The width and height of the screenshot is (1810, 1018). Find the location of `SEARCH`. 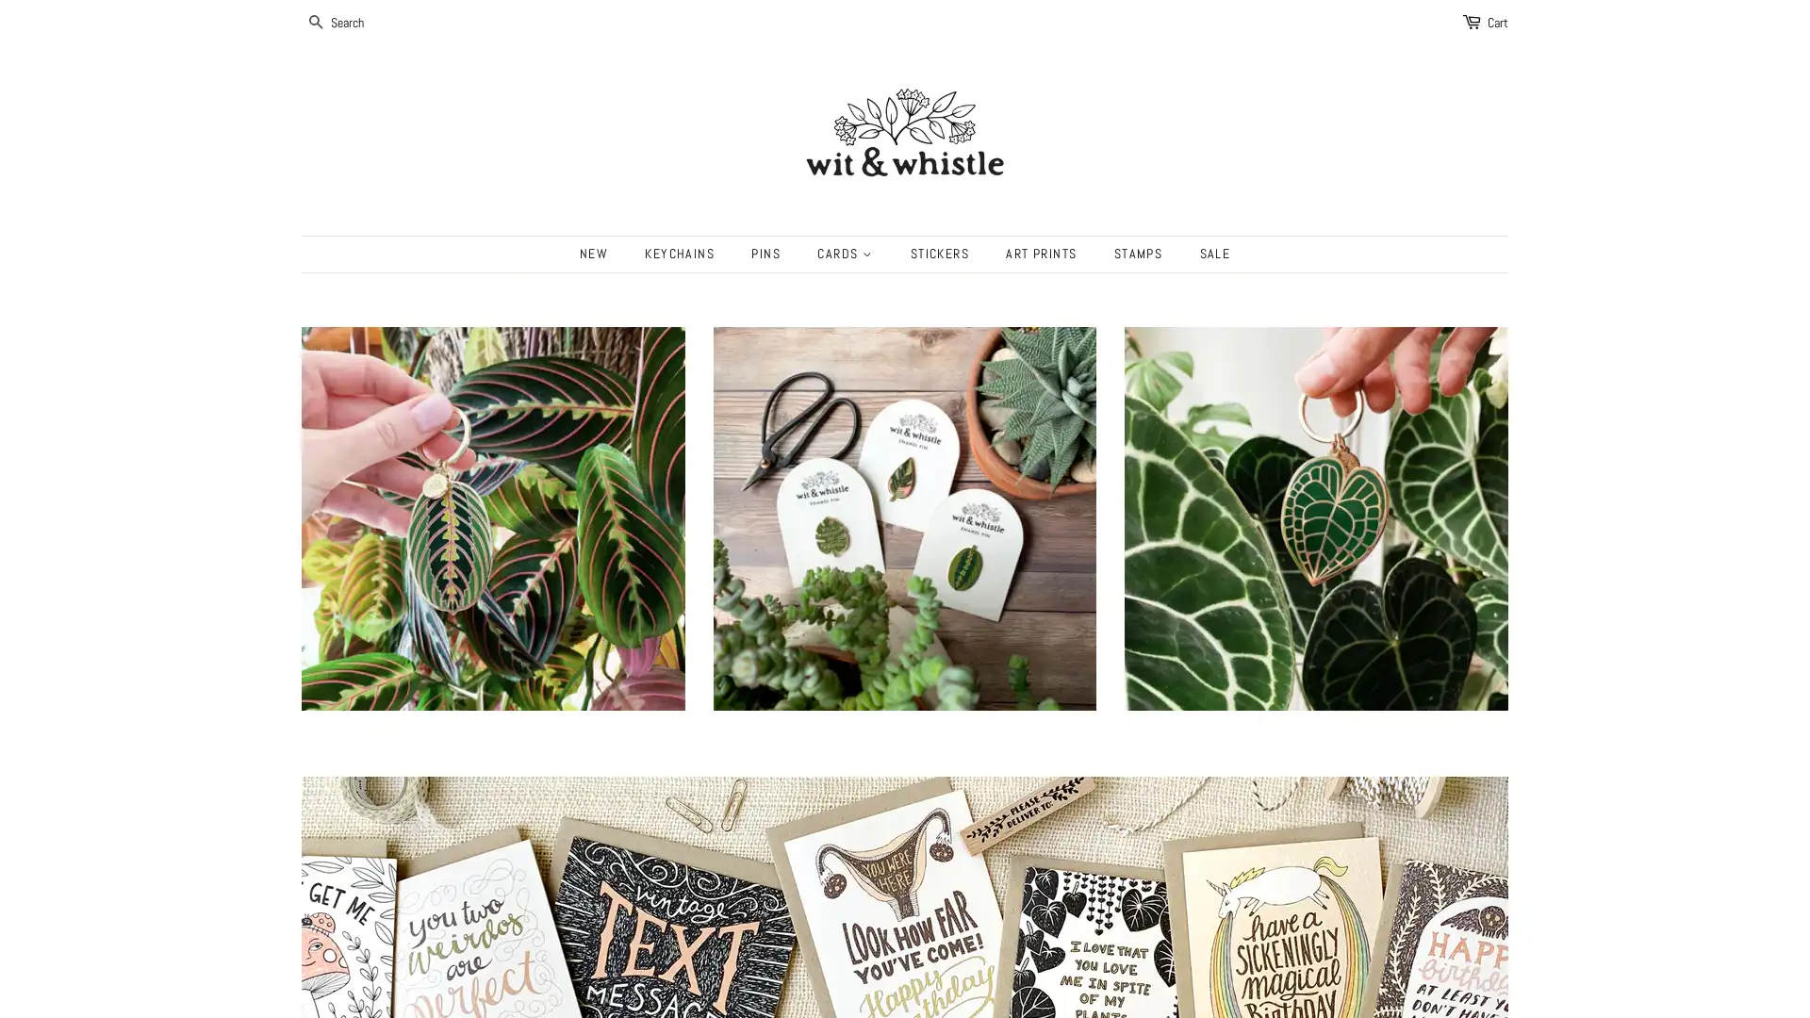

SEARCH is located at coordinates (317, 23).